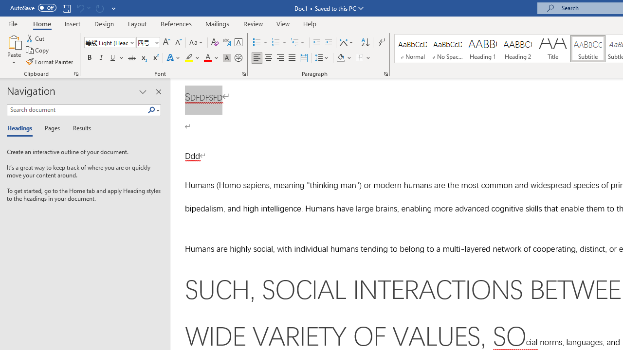  I want to click on 'Font Color Red', so click(207, 58).